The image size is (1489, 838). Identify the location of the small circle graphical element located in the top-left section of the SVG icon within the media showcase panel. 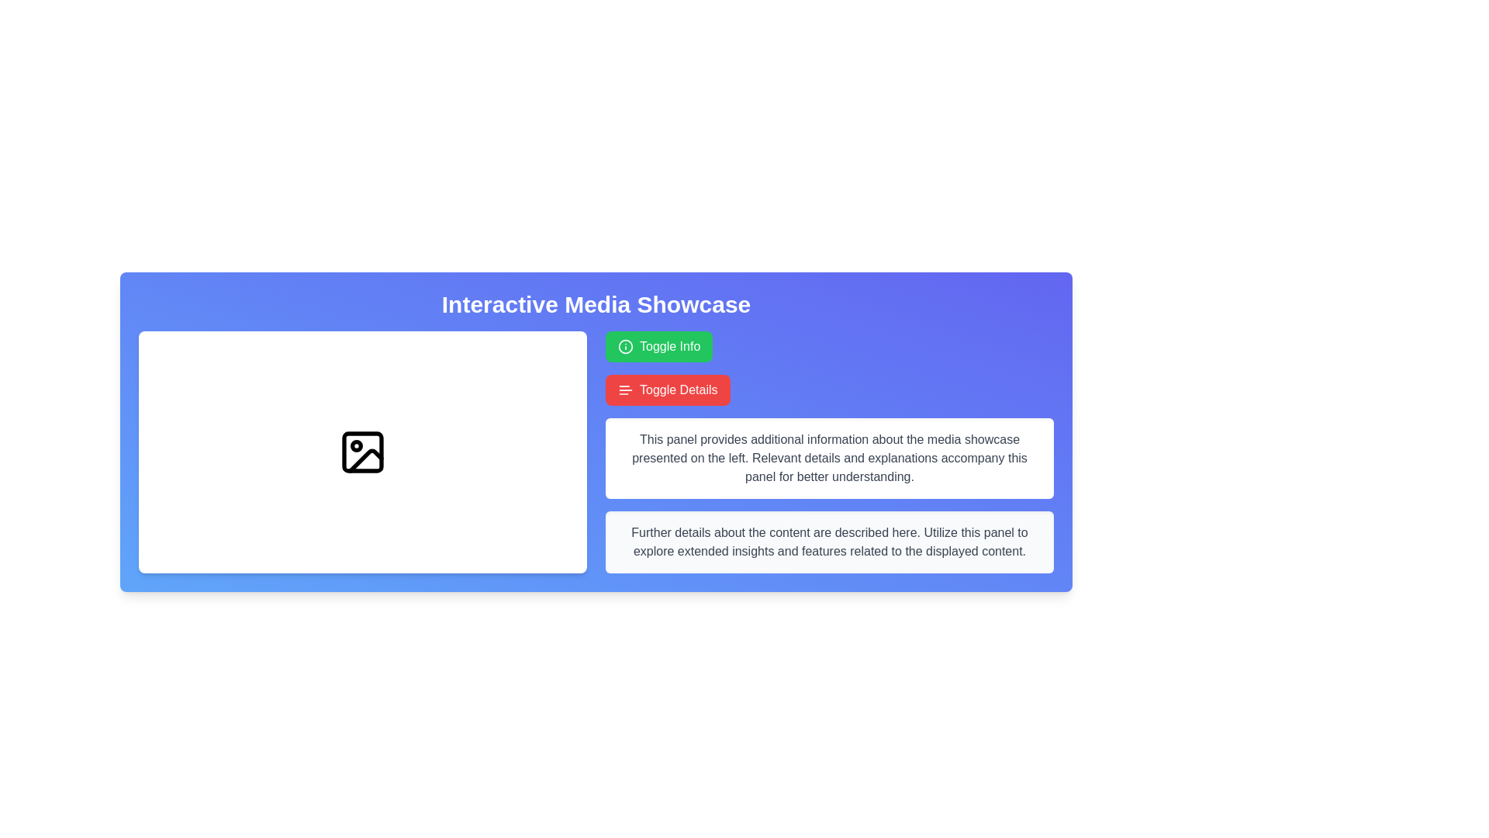
(356, 445).